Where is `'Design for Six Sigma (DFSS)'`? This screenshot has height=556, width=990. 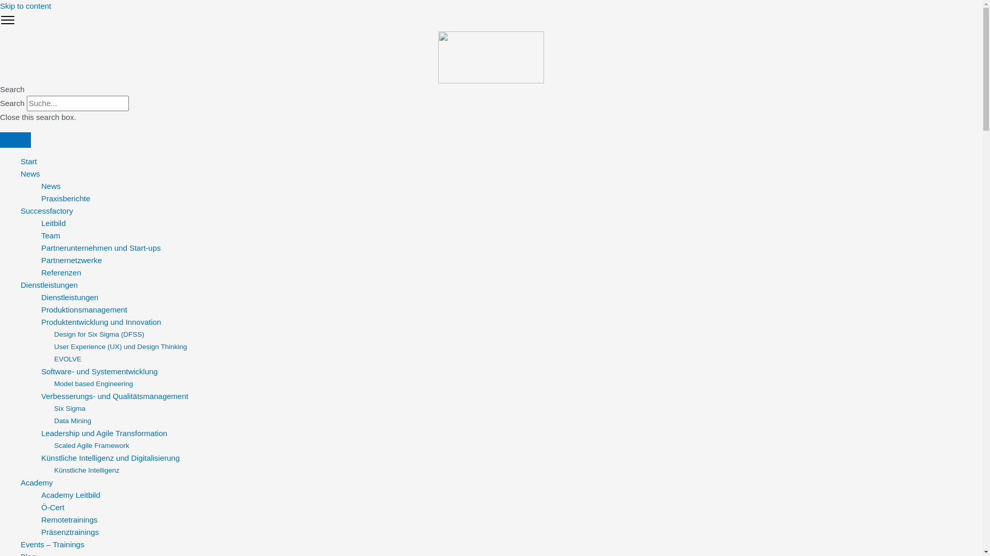 'Design for Six Sigma (DFSS)' is located at coordinates (99, 334).